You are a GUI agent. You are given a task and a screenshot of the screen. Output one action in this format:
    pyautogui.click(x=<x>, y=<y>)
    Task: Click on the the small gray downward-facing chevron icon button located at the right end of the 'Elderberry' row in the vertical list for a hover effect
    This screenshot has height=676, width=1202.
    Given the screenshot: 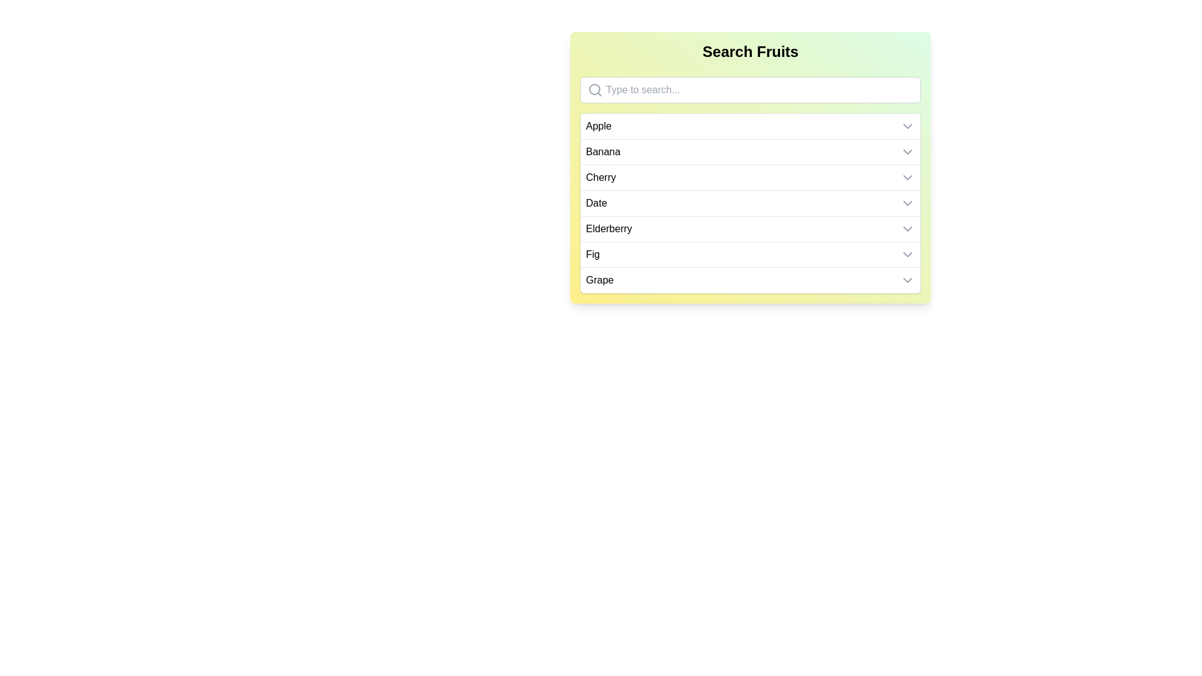 What is the action you would take?
    pyautogui.click(x=907, y=229)
    